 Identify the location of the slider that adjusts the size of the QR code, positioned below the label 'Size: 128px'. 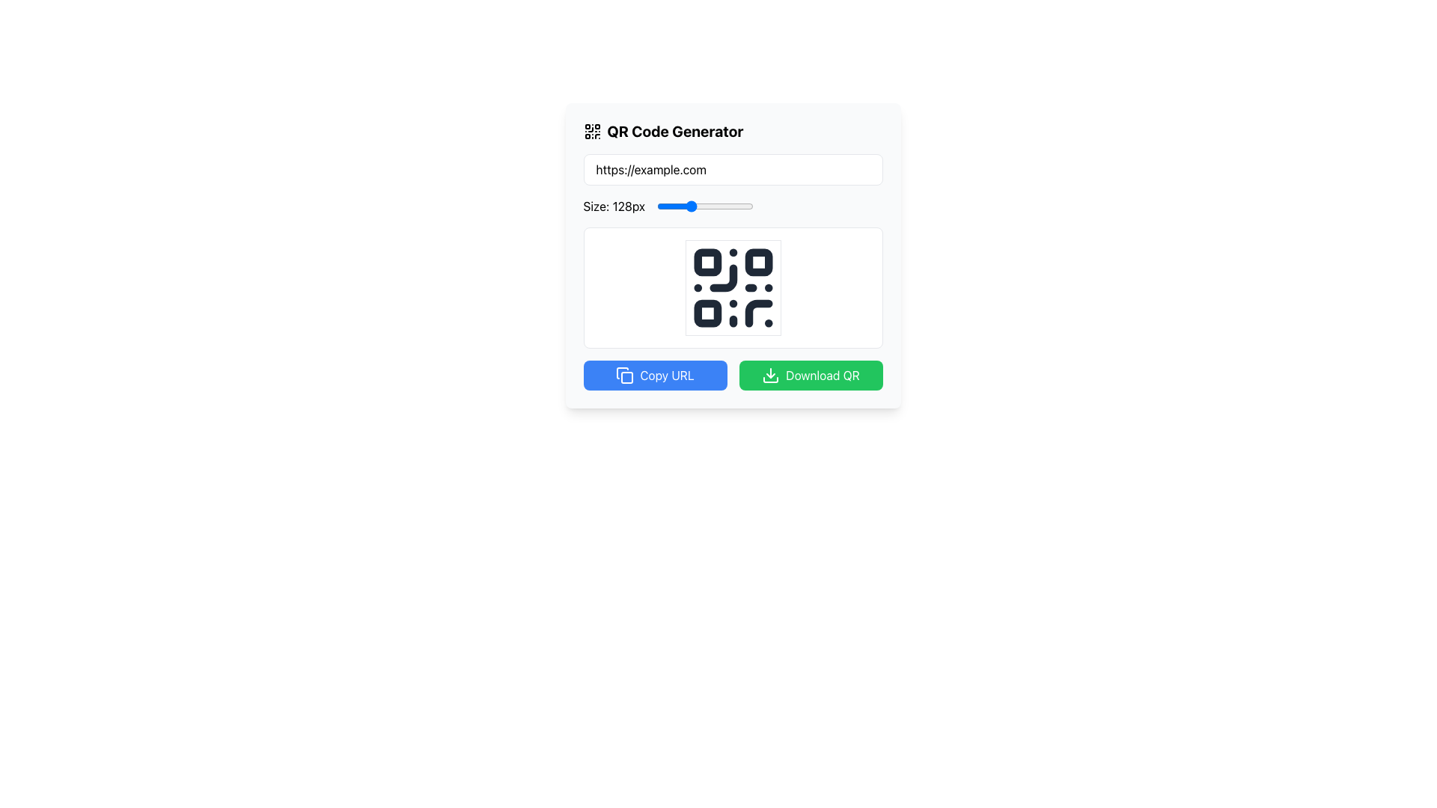
(704, 206).